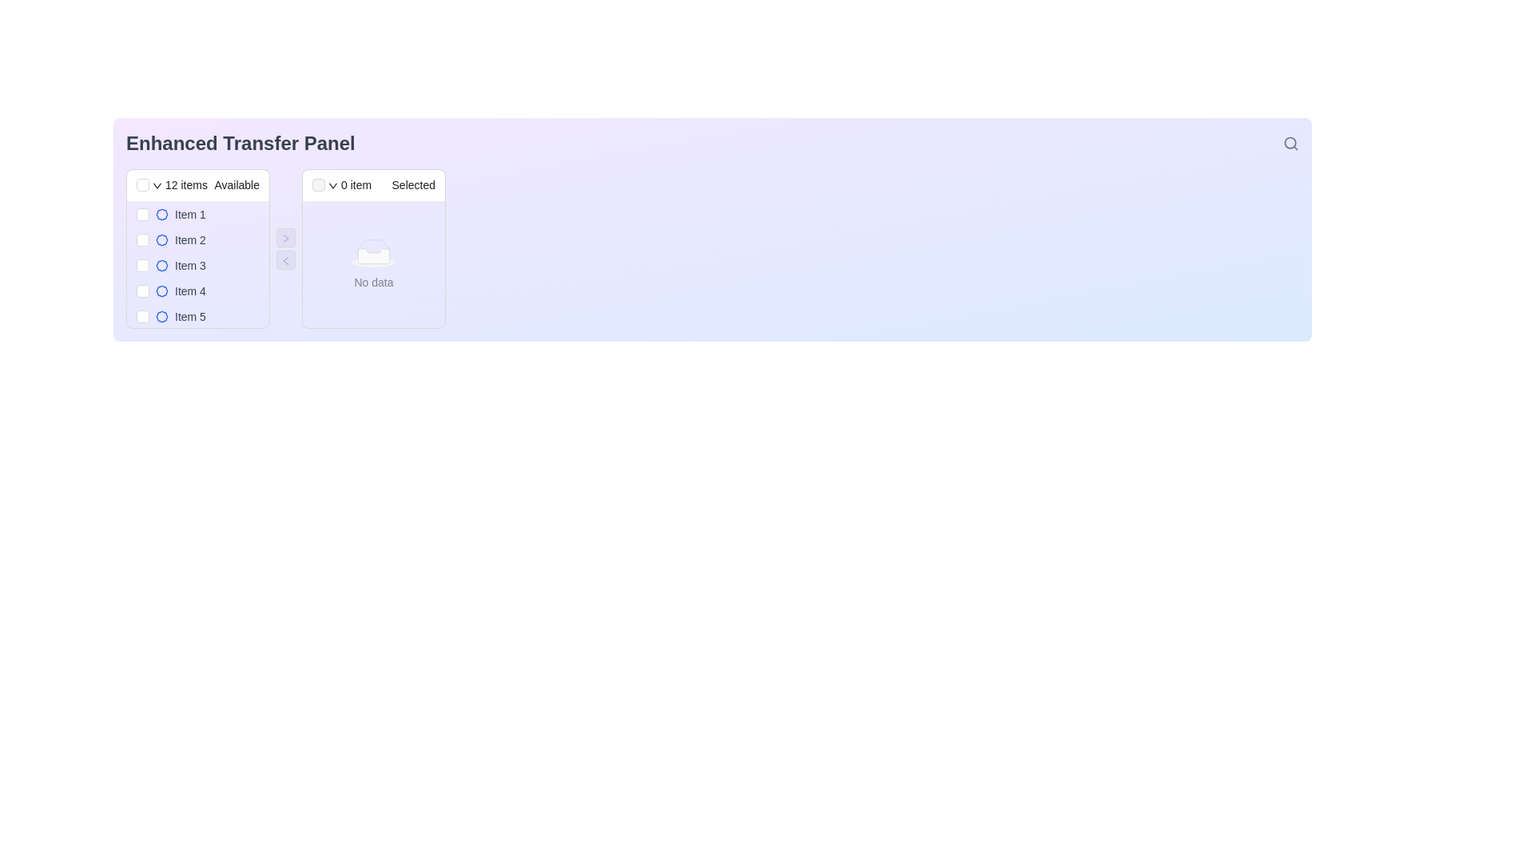 The width and height of the screenshot is (1534, 862). I want to click on the checkbox of the list item named 'Item 1', so click(197, 214).